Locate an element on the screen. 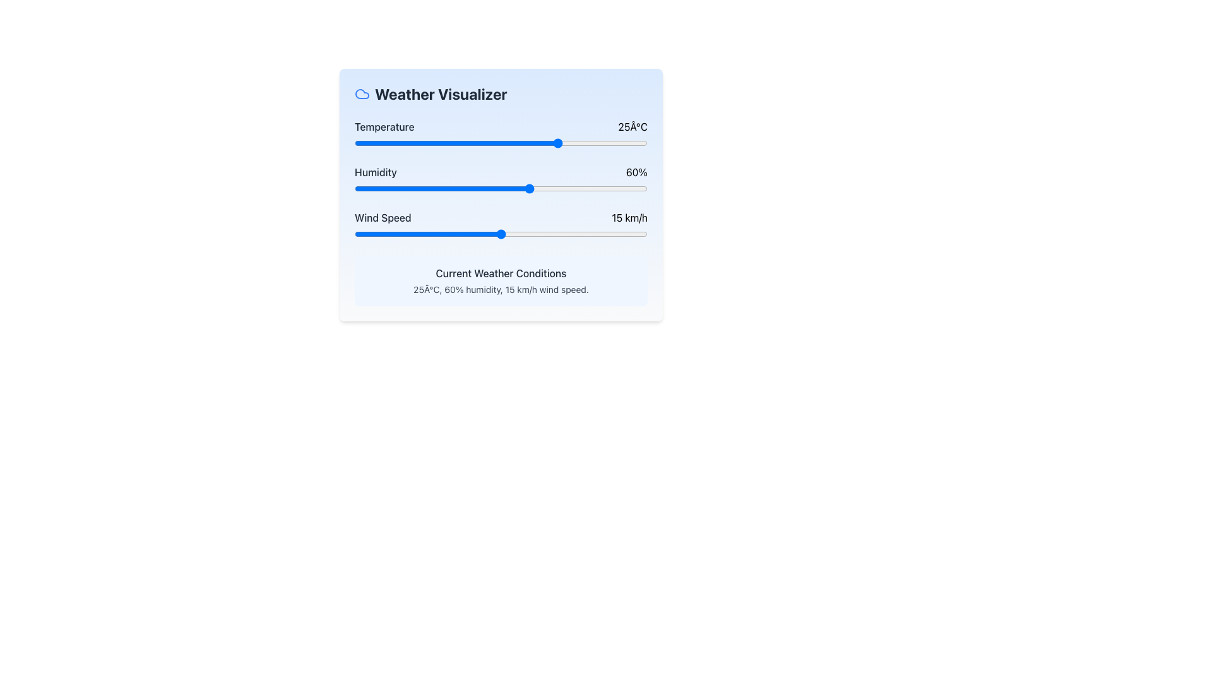  the humidity level is located at coordinates (422, 189).